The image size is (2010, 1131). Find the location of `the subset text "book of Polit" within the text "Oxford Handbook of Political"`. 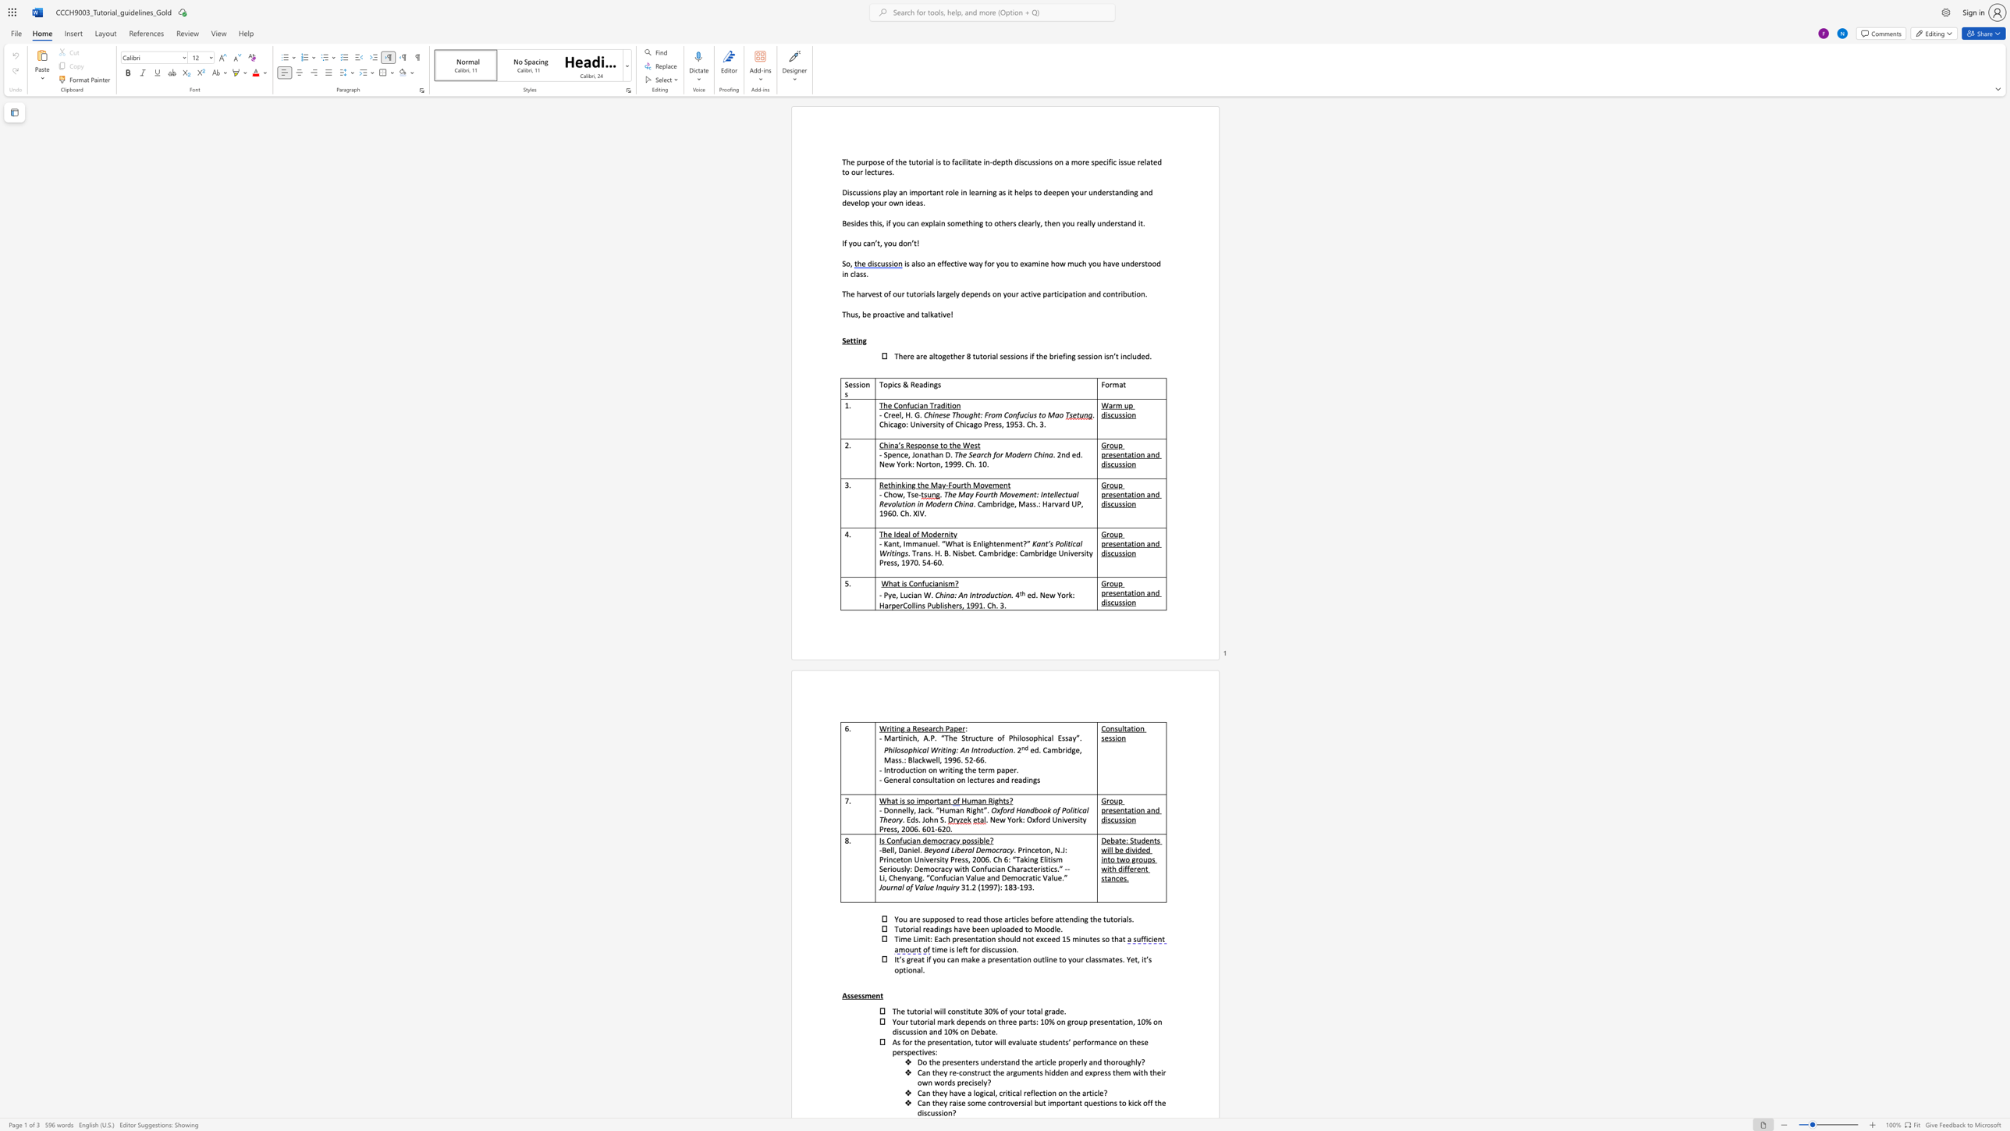

the subset text "book of Polit" within the text "Oxford Handbook of Political" is located at coordinates (1035, 810).